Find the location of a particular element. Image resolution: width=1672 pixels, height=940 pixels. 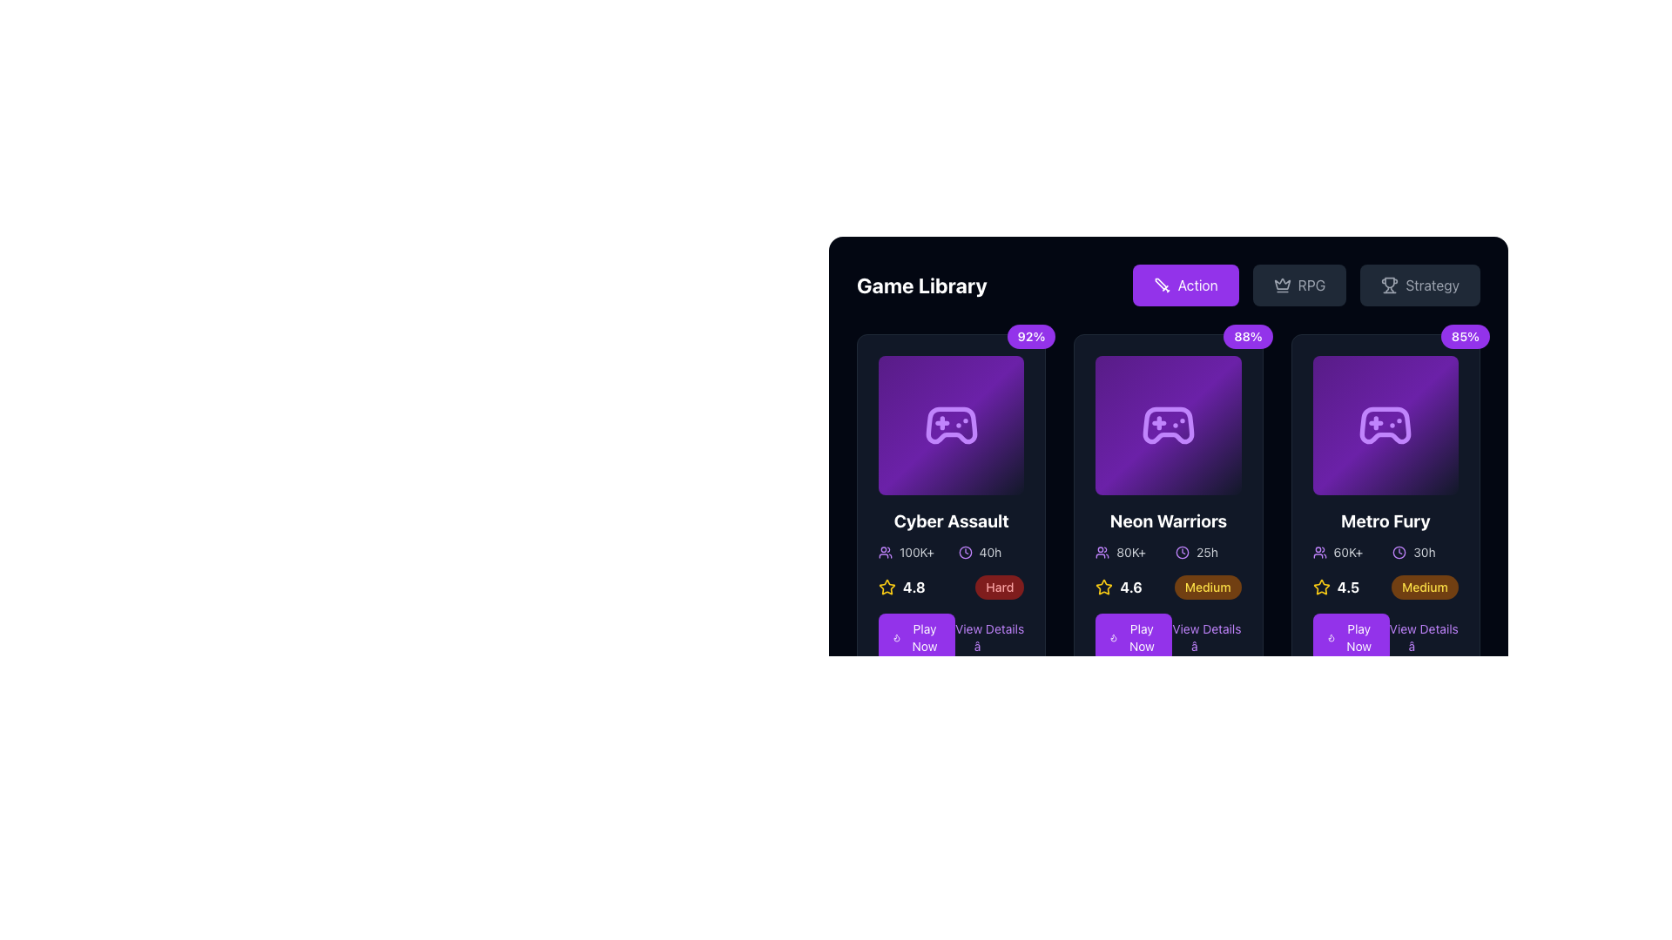

displayed total playtime information from the text label located beside the clock icon for the game 'Cyber Assault' is located at coordinates (990, 553).